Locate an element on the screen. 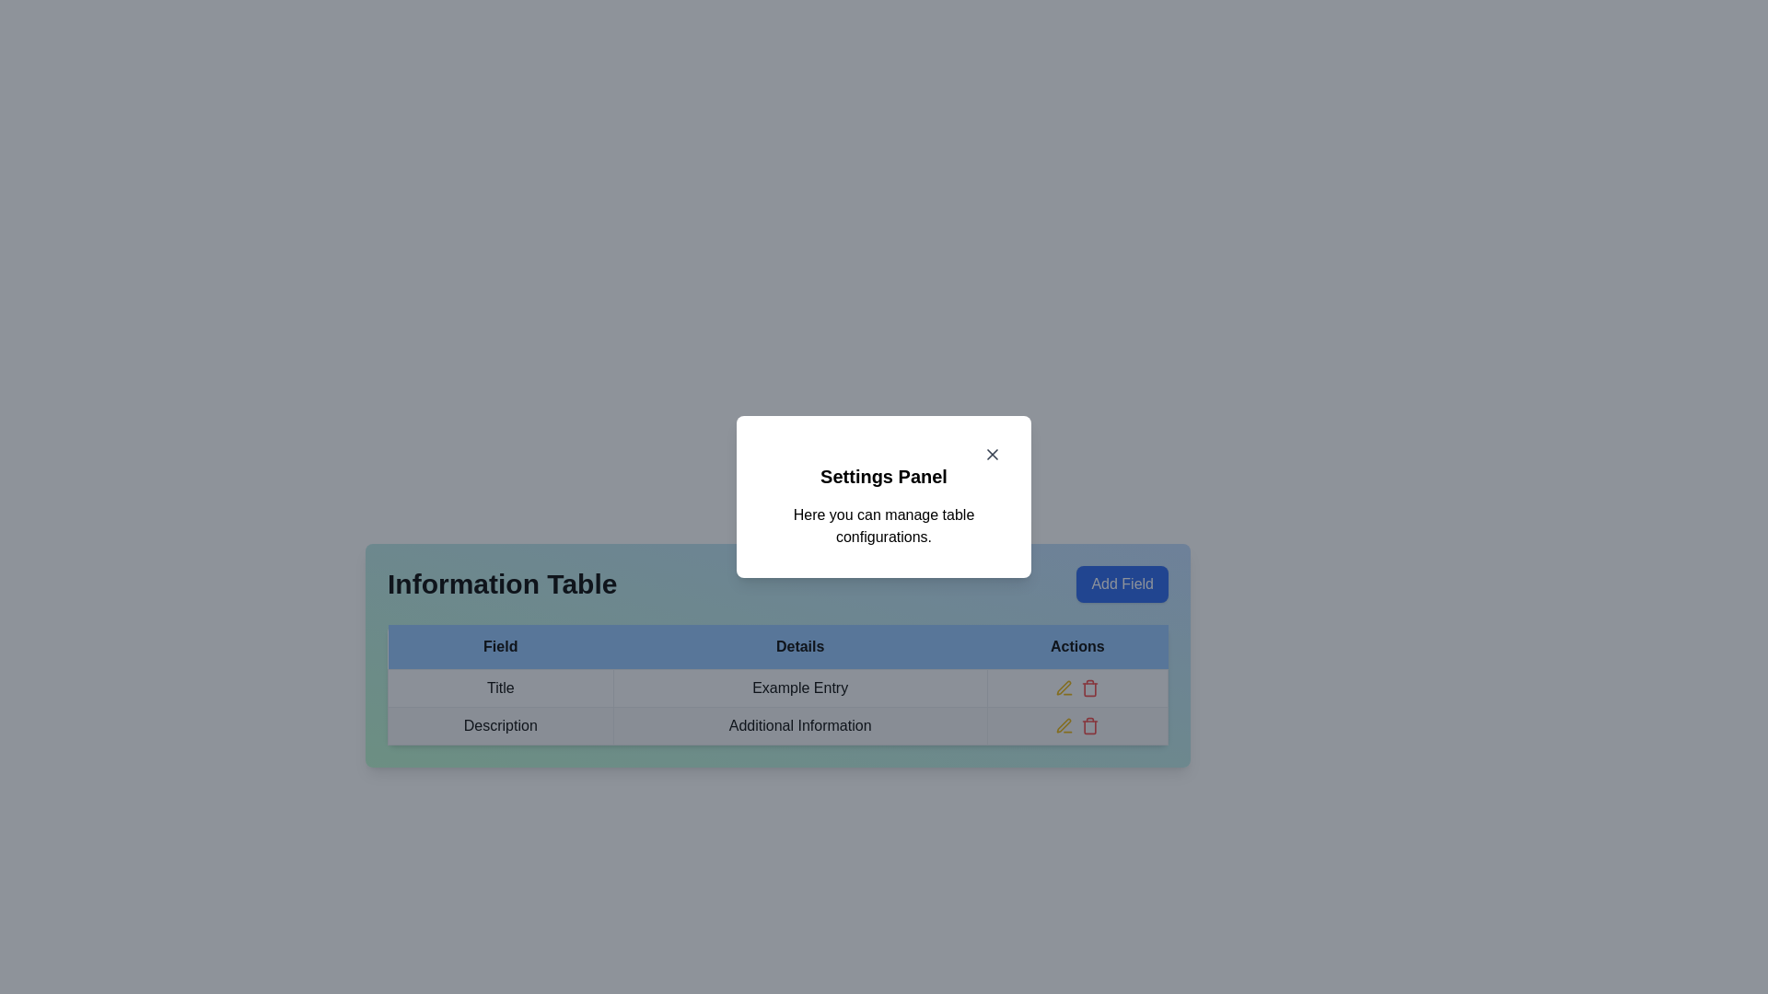  the header label in the middle of the table, which indicates the column for details or descriptions, positioned between the 'Field' and 'Actions' headers is located at coordinates (800, 646).